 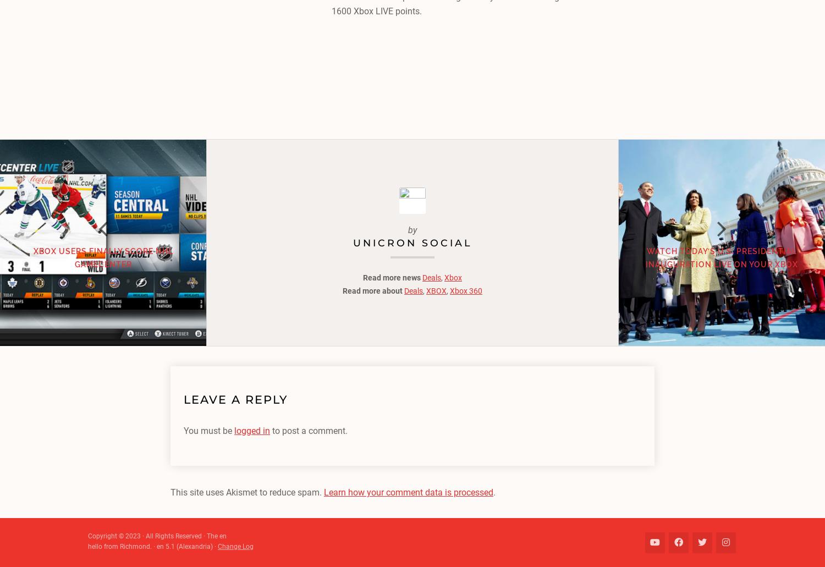 What do you see at coordinates (413, 230) in the screenshot?
I see `'by'` at bounding box center [413, 230].